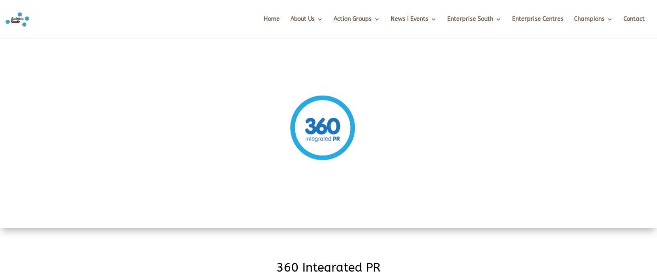  What do you see at coordinates (407, 88) in the screenshot?
I see `'Event Photo Gallery'` at bounding box center [407, 88].